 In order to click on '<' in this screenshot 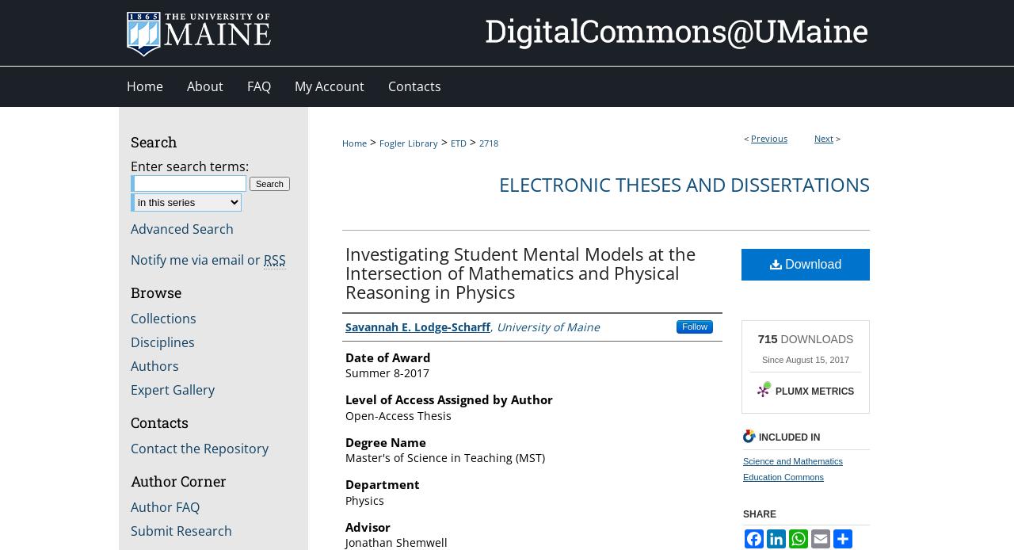, I will do `click(746, 138)`.